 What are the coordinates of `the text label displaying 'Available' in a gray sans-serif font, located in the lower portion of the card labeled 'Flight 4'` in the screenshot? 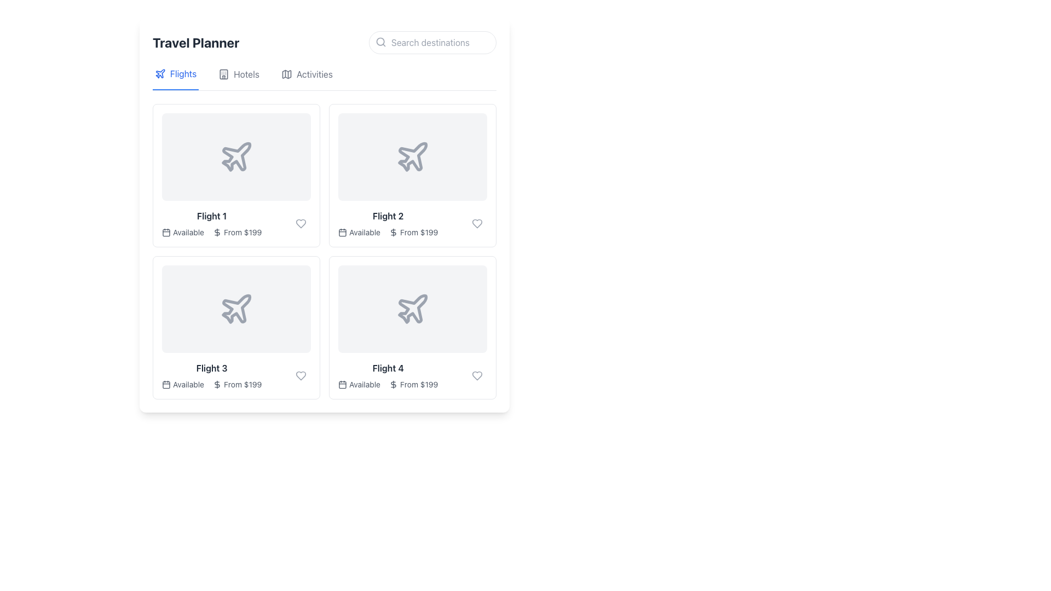 It's located at (365, 384).